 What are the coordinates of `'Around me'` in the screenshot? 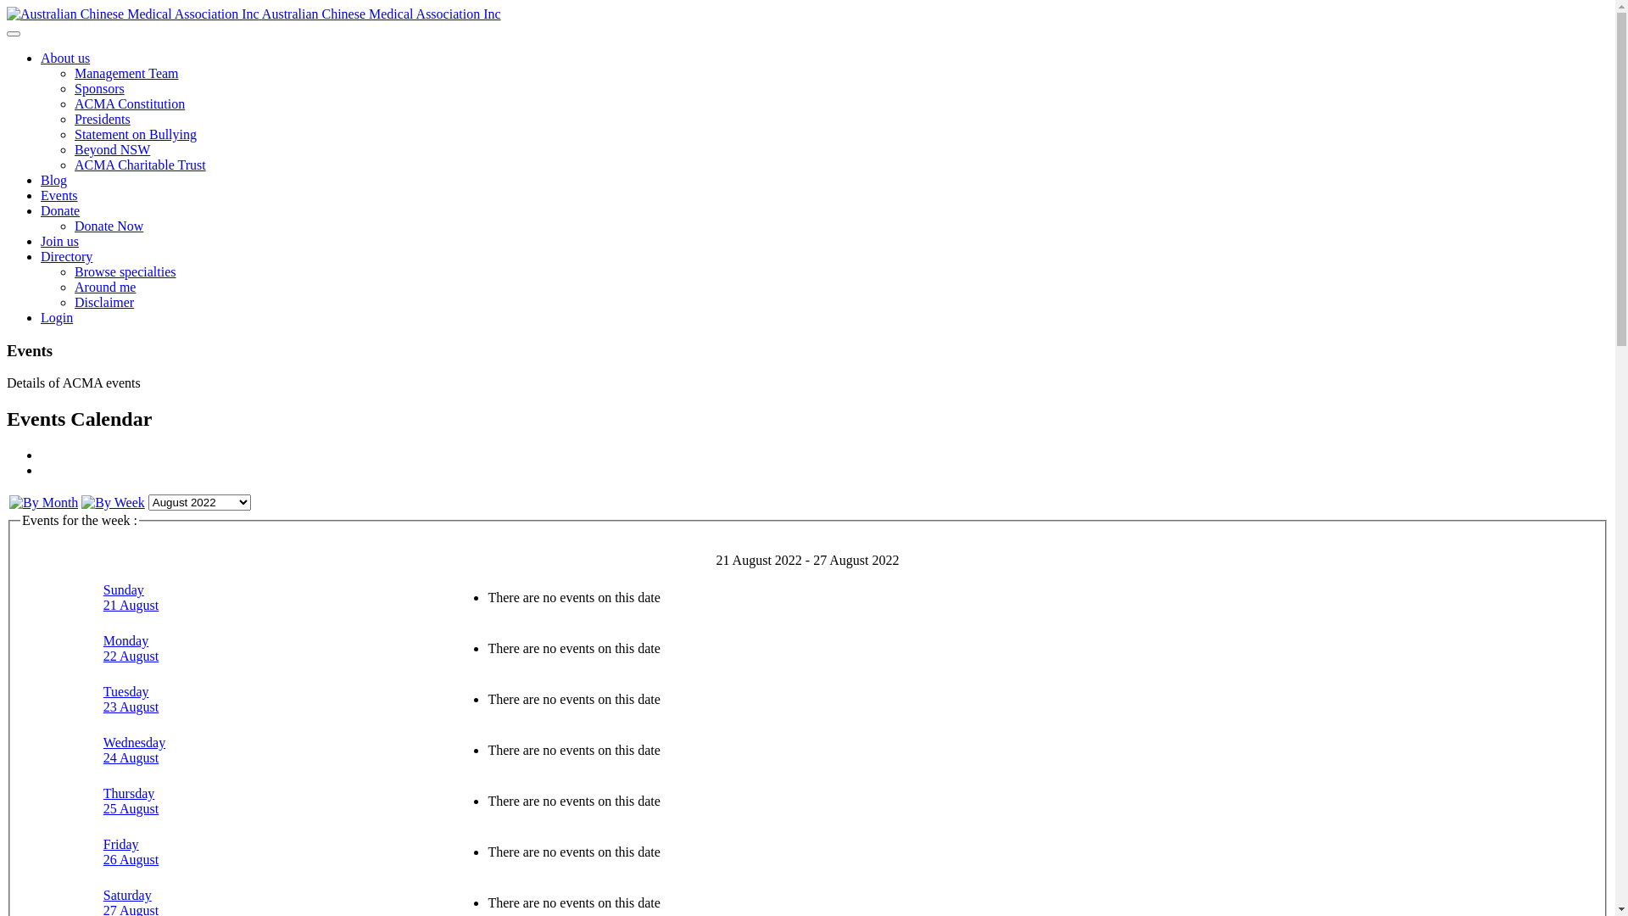 It's located at (104, 286).